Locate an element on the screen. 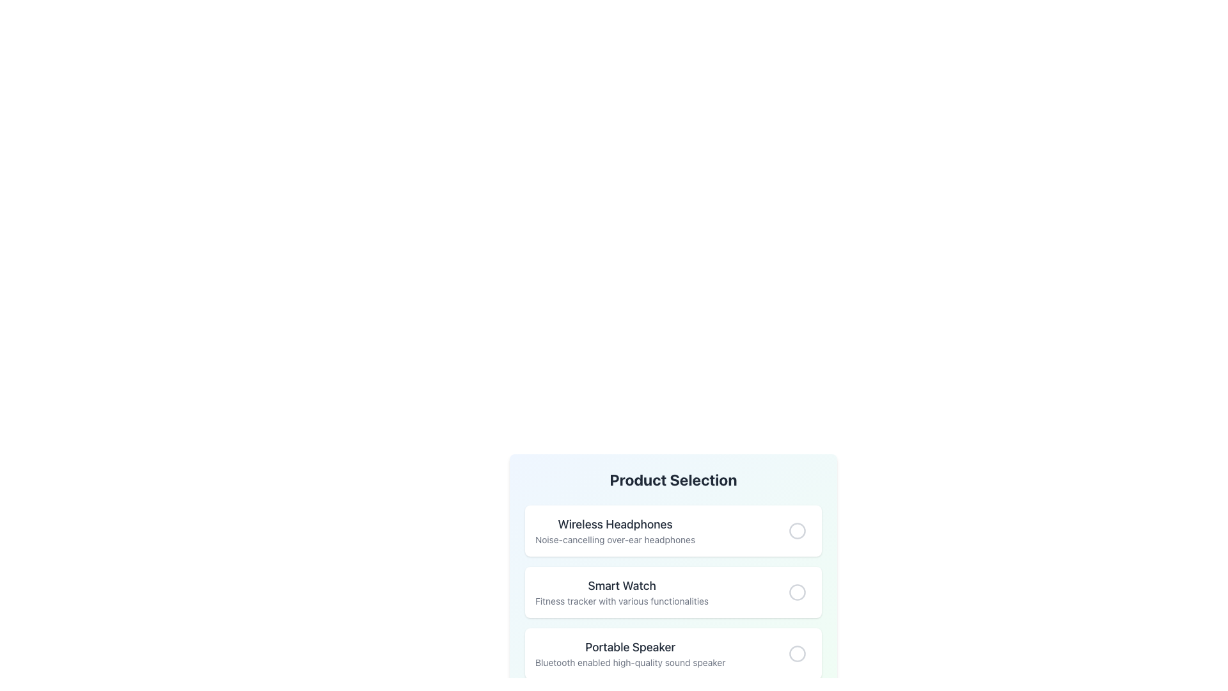  the text block titled 'Portable Speaker' which describes it as 'Bluetooth enabled high-quality sound speaker' located in the 'Product Selection' list as the third item is located at coordinates (630, 654).